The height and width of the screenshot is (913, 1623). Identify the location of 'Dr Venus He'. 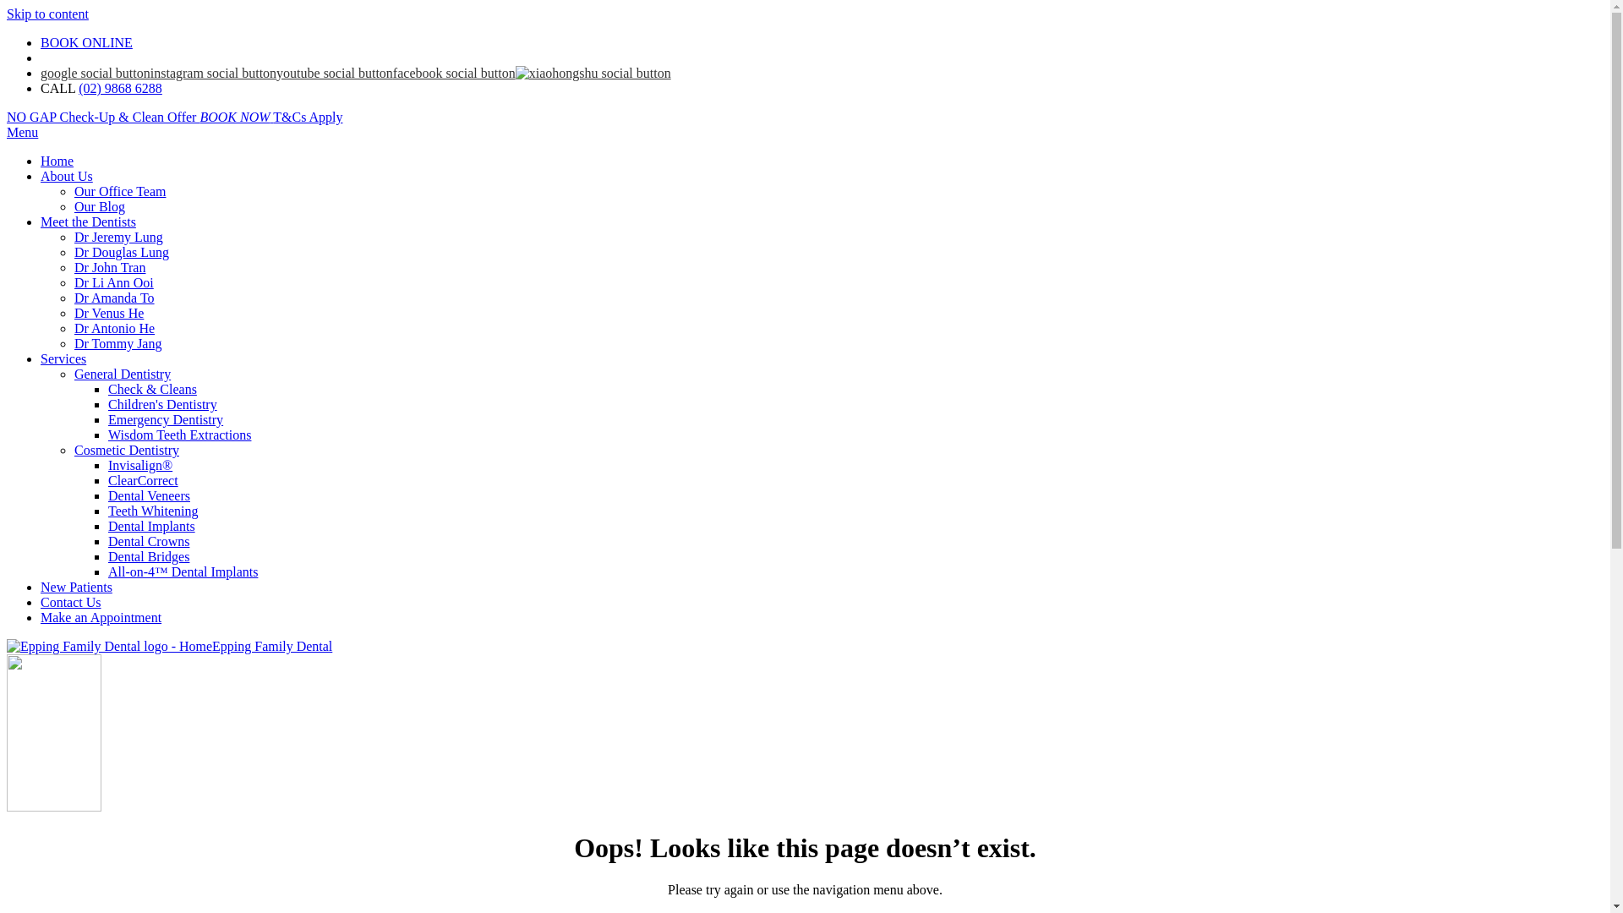
(108, 313).